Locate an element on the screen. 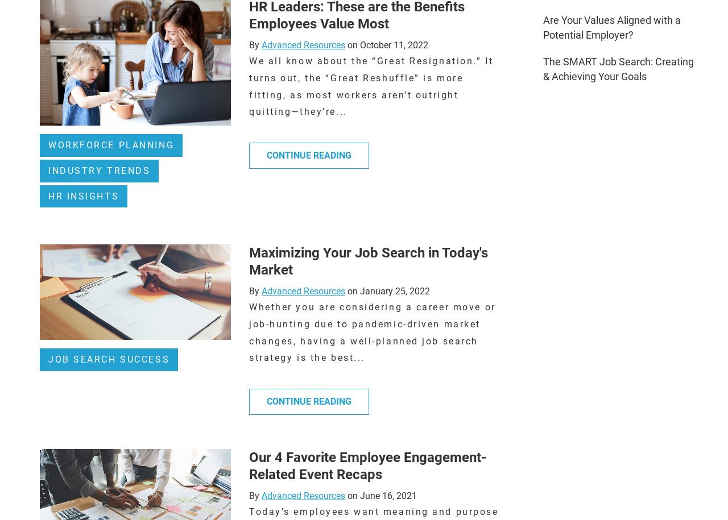  'Maximizing Your Job Search in Today's Market' is located at coordinates (368, 260).